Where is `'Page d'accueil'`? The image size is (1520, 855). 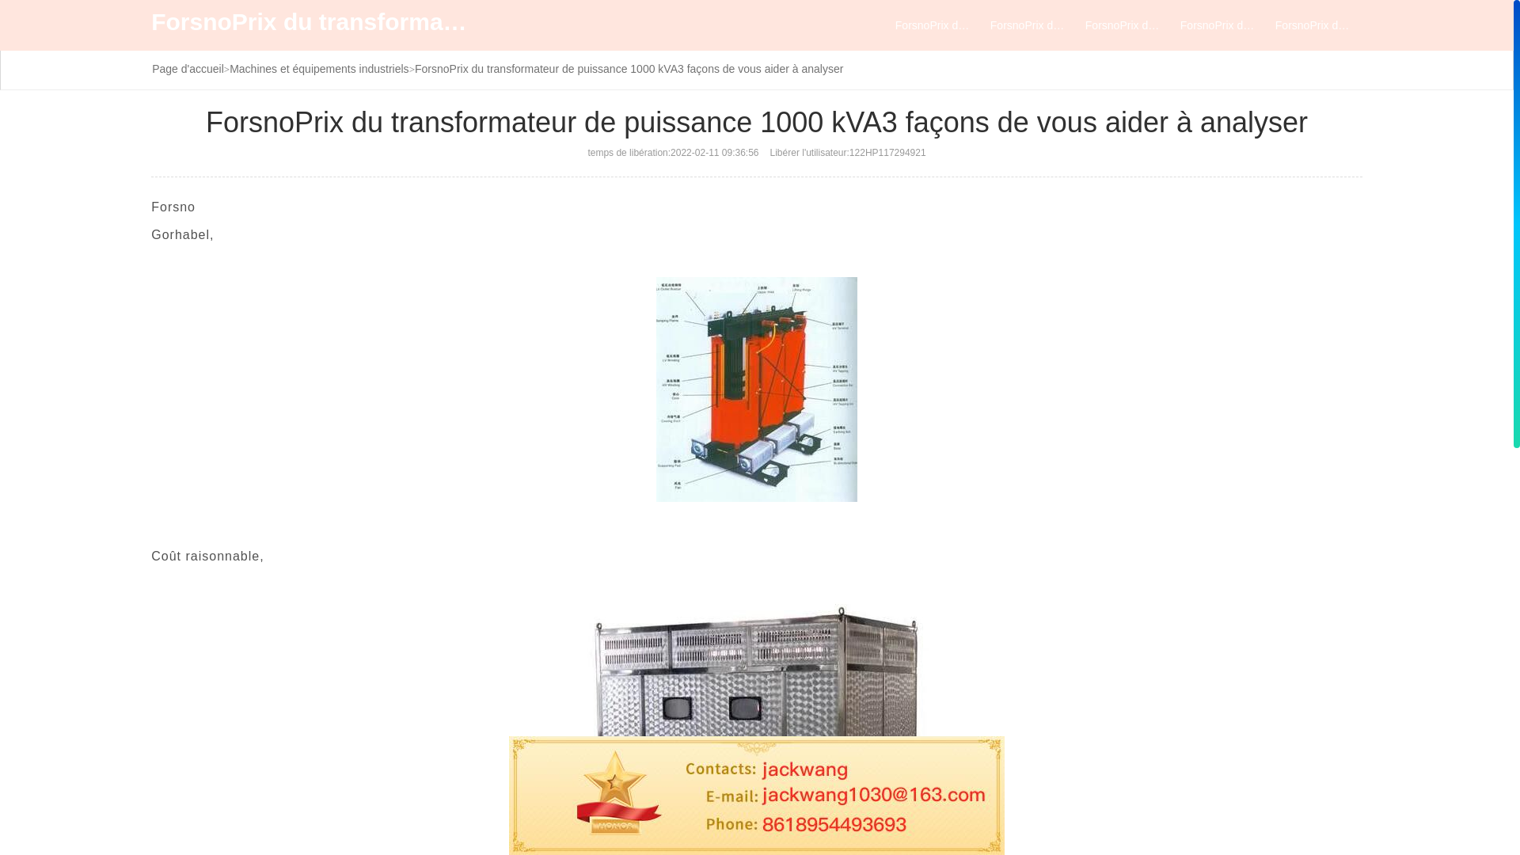
'Page d'accueil' is located at coordinates (188, 68).